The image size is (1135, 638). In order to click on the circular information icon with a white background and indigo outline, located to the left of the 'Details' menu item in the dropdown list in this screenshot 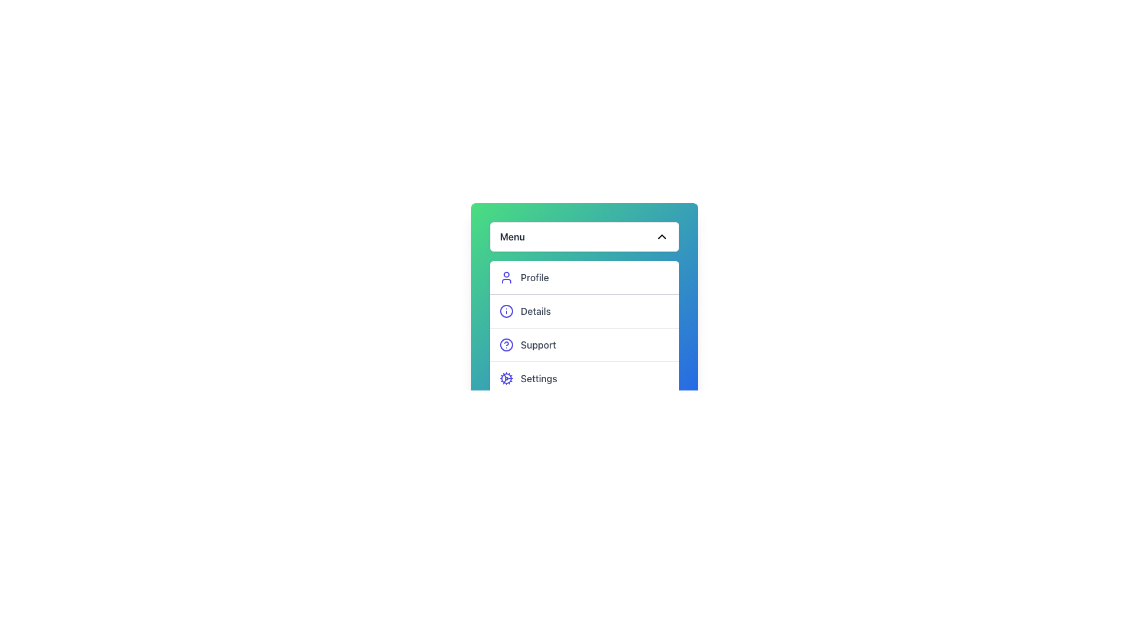, I will do `click(507, 311)`.